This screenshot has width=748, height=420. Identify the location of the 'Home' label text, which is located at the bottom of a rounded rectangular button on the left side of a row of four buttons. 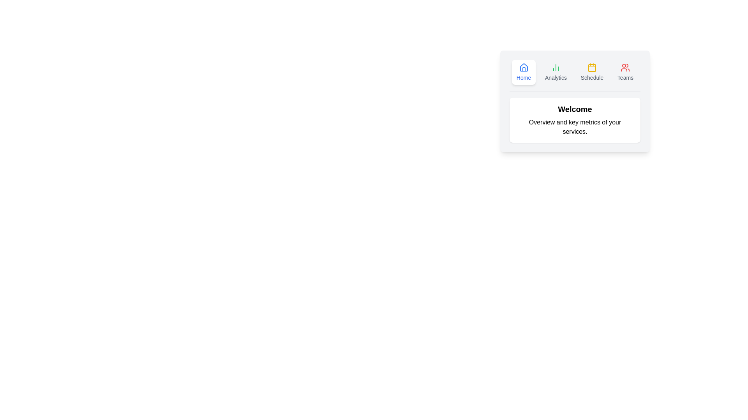
(524, 78).